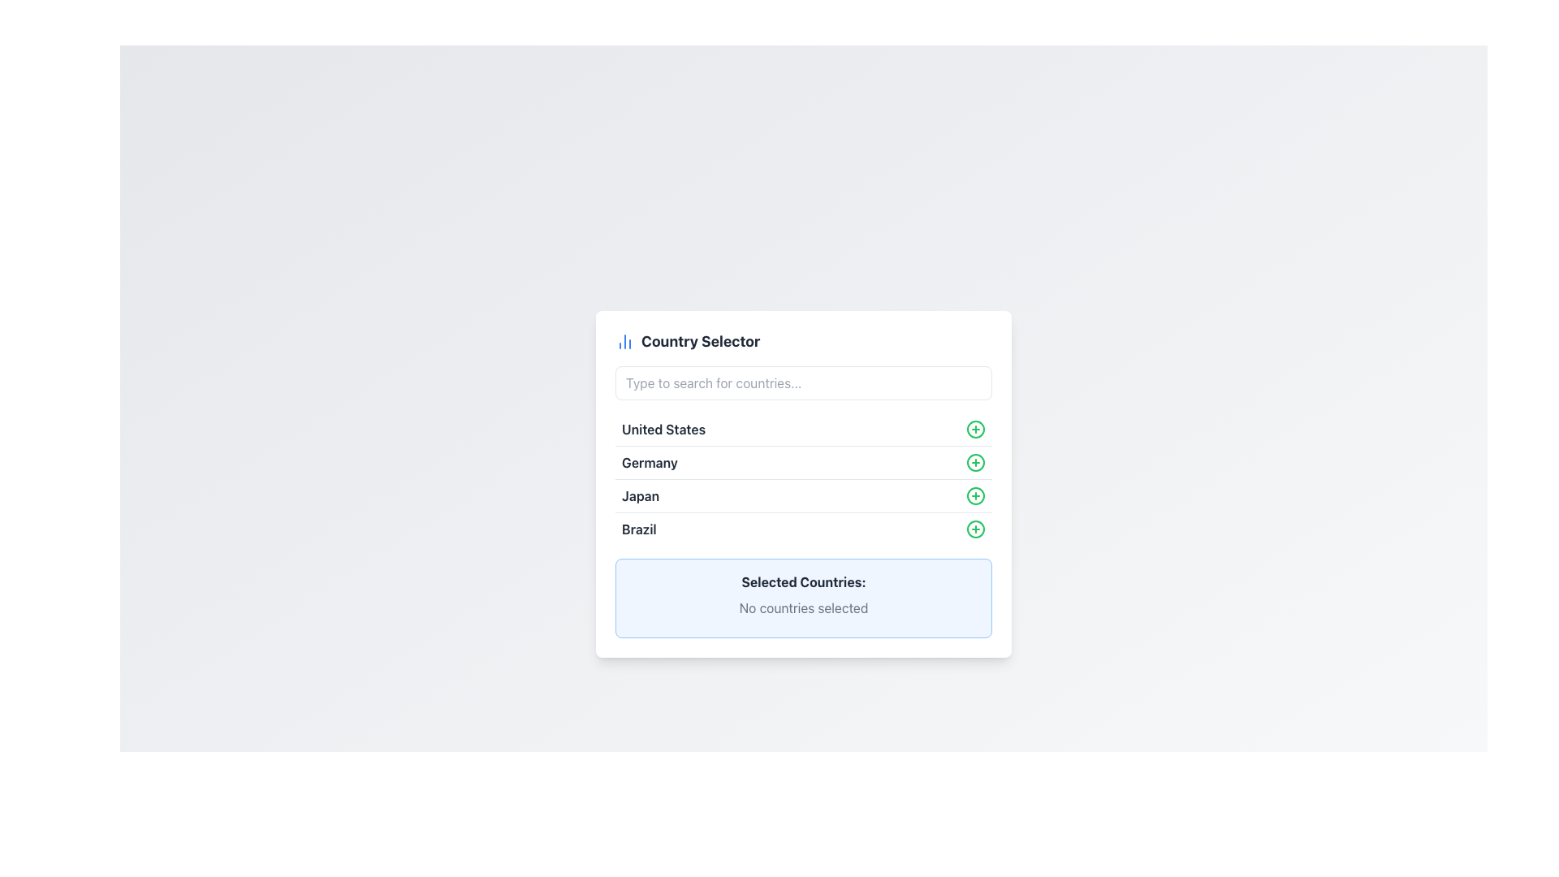  I want to click on the bold text label reading 'Selected Countries:' which is styled with a gray font color and located in the lower section of the country selector interface, above the text 'No countries selected.', so click(803, 581).